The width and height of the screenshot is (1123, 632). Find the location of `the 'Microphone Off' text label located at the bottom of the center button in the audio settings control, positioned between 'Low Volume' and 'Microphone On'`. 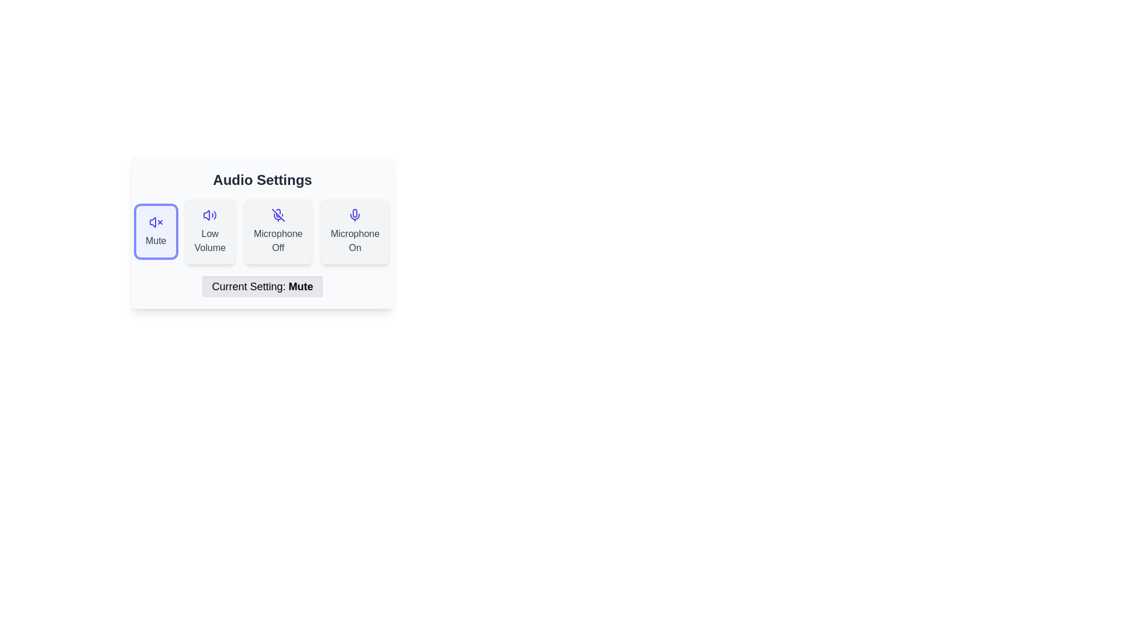

the 'Microphone Off' text label located at the bottom of the center button in the audio settings control, positioned between 'Low Volume' and 'Microphone On' is located at coordinates (277, 241).